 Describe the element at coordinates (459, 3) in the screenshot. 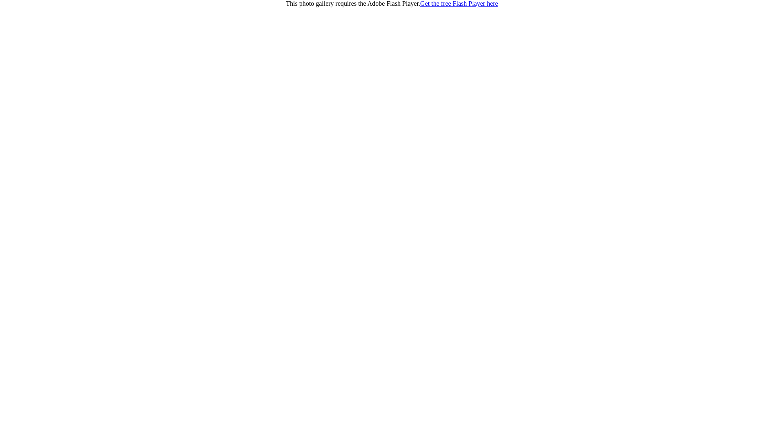

I see `'Get the free Flash Player here'` at that location.